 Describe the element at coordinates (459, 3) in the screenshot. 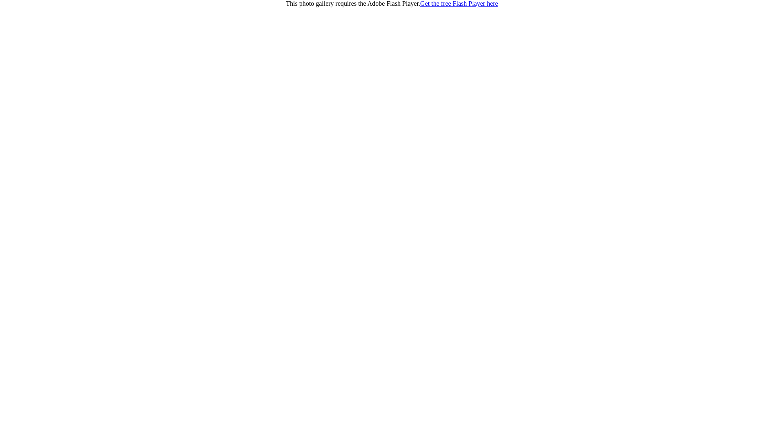

I see `'Get the free Flash Player here'` at that location.